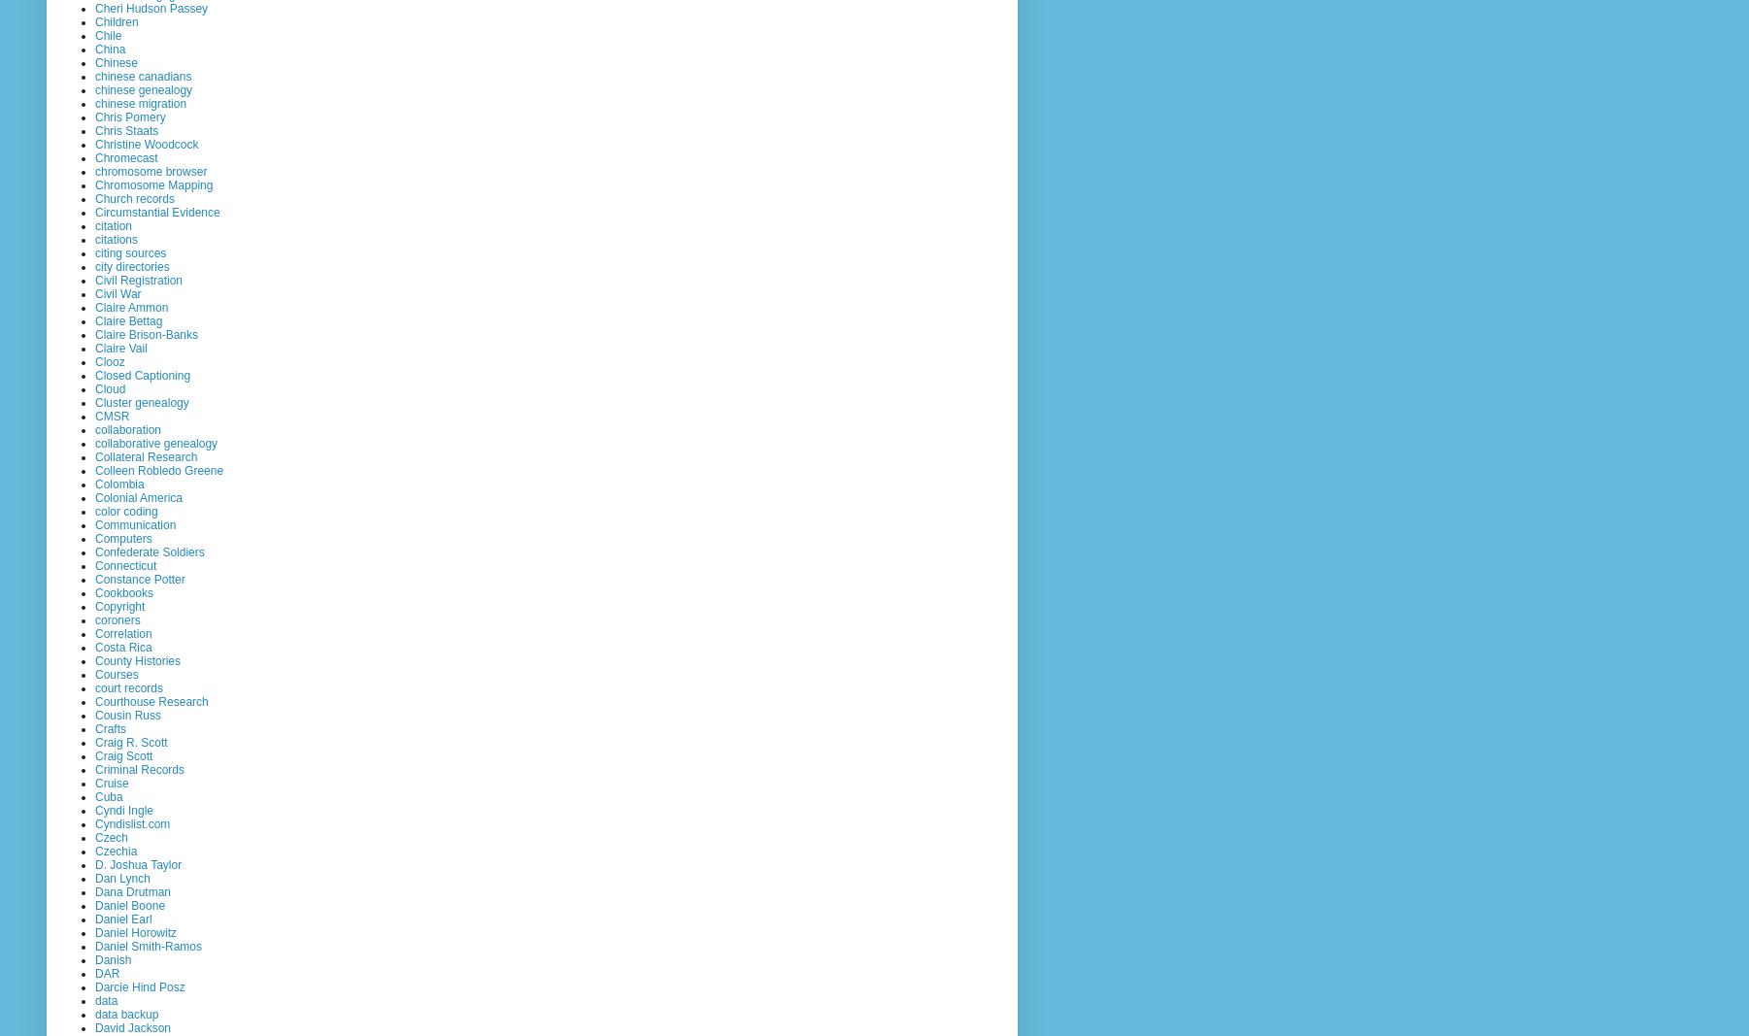 The height and width of the screenshot is (1036, 1749). Describe the element at coordinates (135, 524) in the screenshot. I see `'Communication'` at that location.